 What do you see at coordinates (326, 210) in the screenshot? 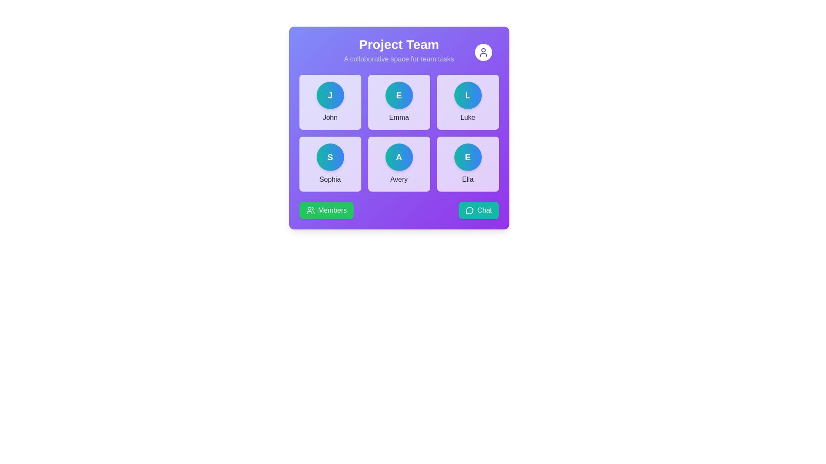
I see `the green 'Members' button with a white icon of two people` at bounding box center [326, 210].